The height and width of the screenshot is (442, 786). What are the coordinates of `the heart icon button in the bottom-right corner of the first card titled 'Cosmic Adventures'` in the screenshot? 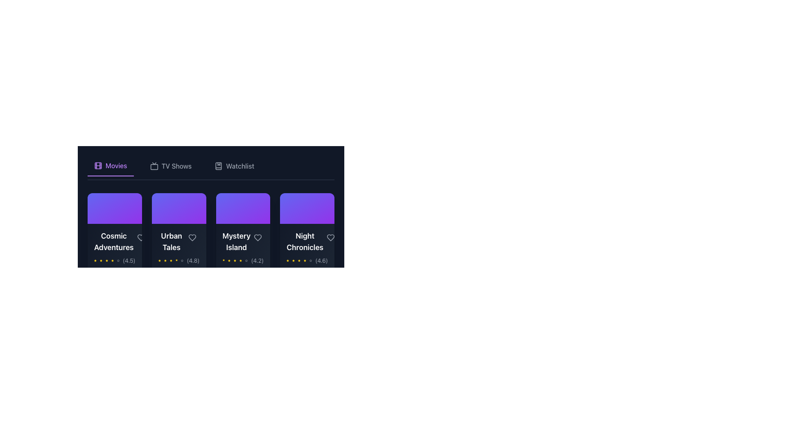 It's located at (141, 237).